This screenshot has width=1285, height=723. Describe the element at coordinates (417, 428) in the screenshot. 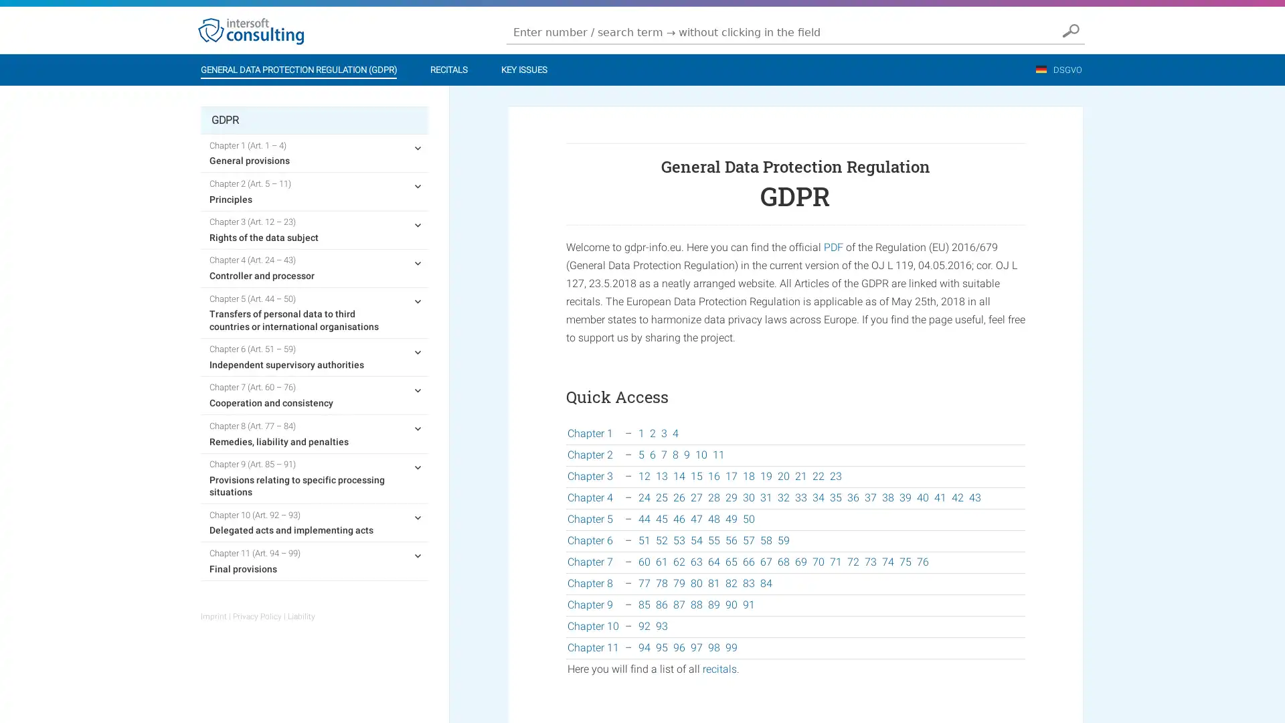

I see `expand child menu` at that location.